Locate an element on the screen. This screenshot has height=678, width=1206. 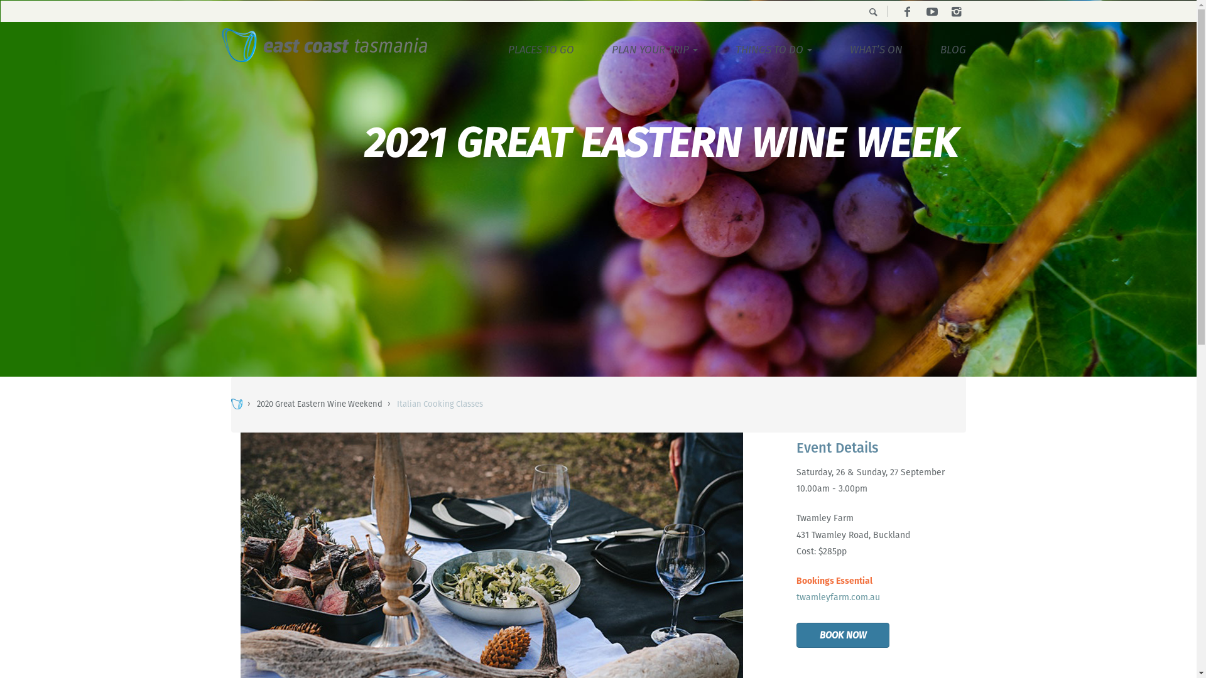
'PLACES TO GO' is located at coordinates (540, 48).